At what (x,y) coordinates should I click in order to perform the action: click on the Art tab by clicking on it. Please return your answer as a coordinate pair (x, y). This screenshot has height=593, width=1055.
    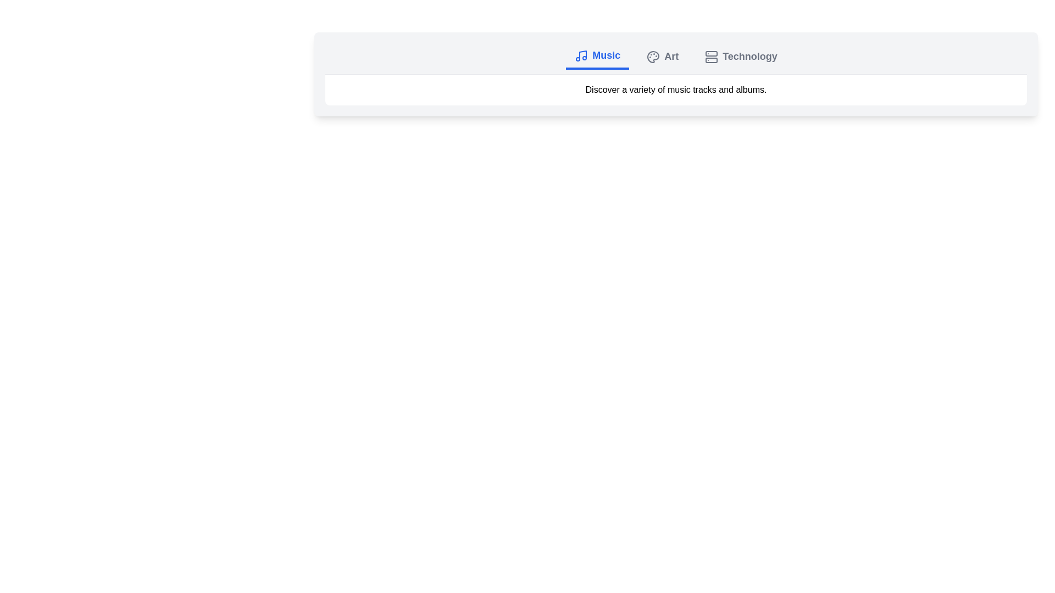
    Looking at the image, I should click on (662, 57).